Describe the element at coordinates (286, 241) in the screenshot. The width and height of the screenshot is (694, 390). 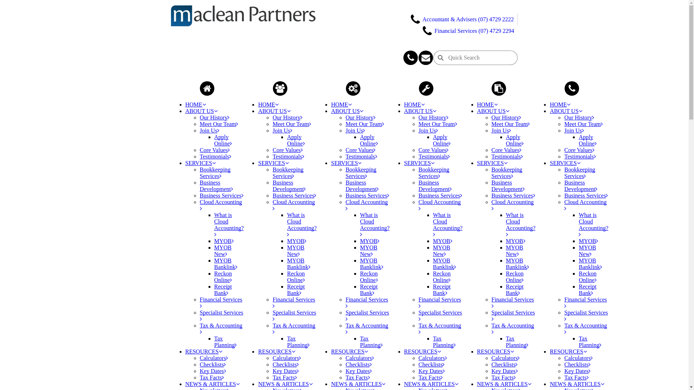
I see `'MYOB'` at that location.